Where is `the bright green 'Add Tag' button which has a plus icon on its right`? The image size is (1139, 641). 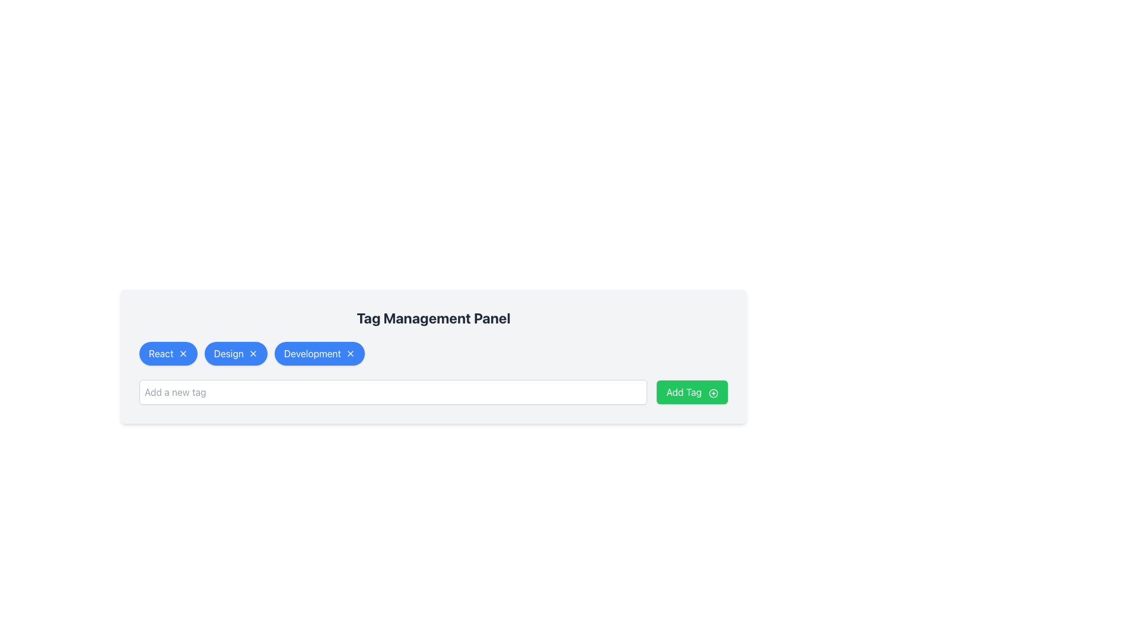
the bright green 'Add Tag' button which has a plus icon on its right is located at coordinates (692, 392).